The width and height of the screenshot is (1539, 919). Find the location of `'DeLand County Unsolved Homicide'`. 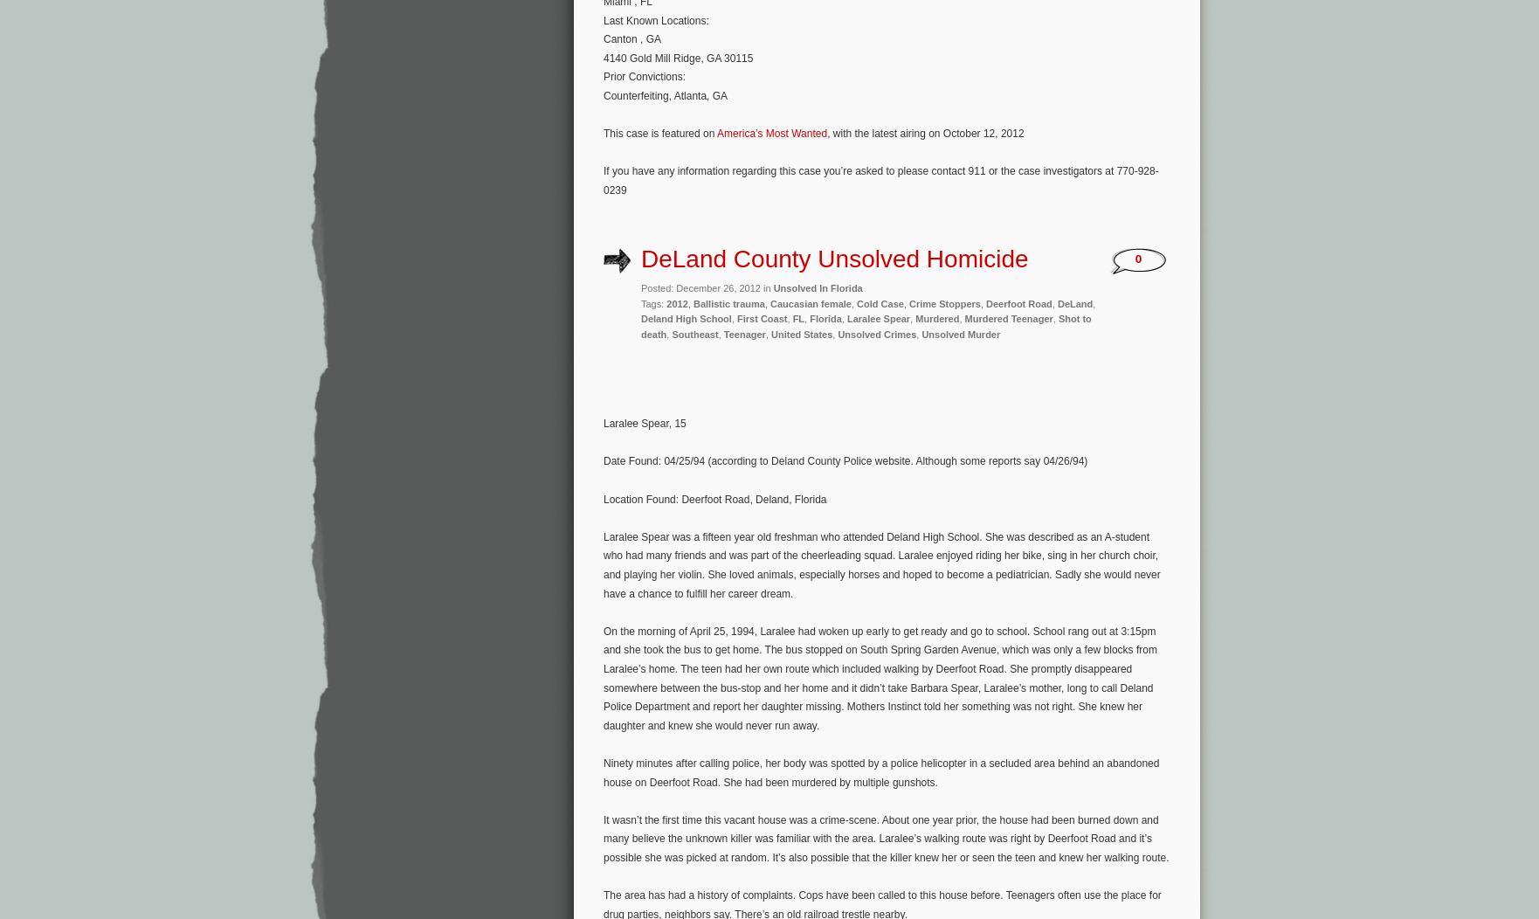

'DeLand County Unsolved Homicide' is located at coordinates (834, 259).